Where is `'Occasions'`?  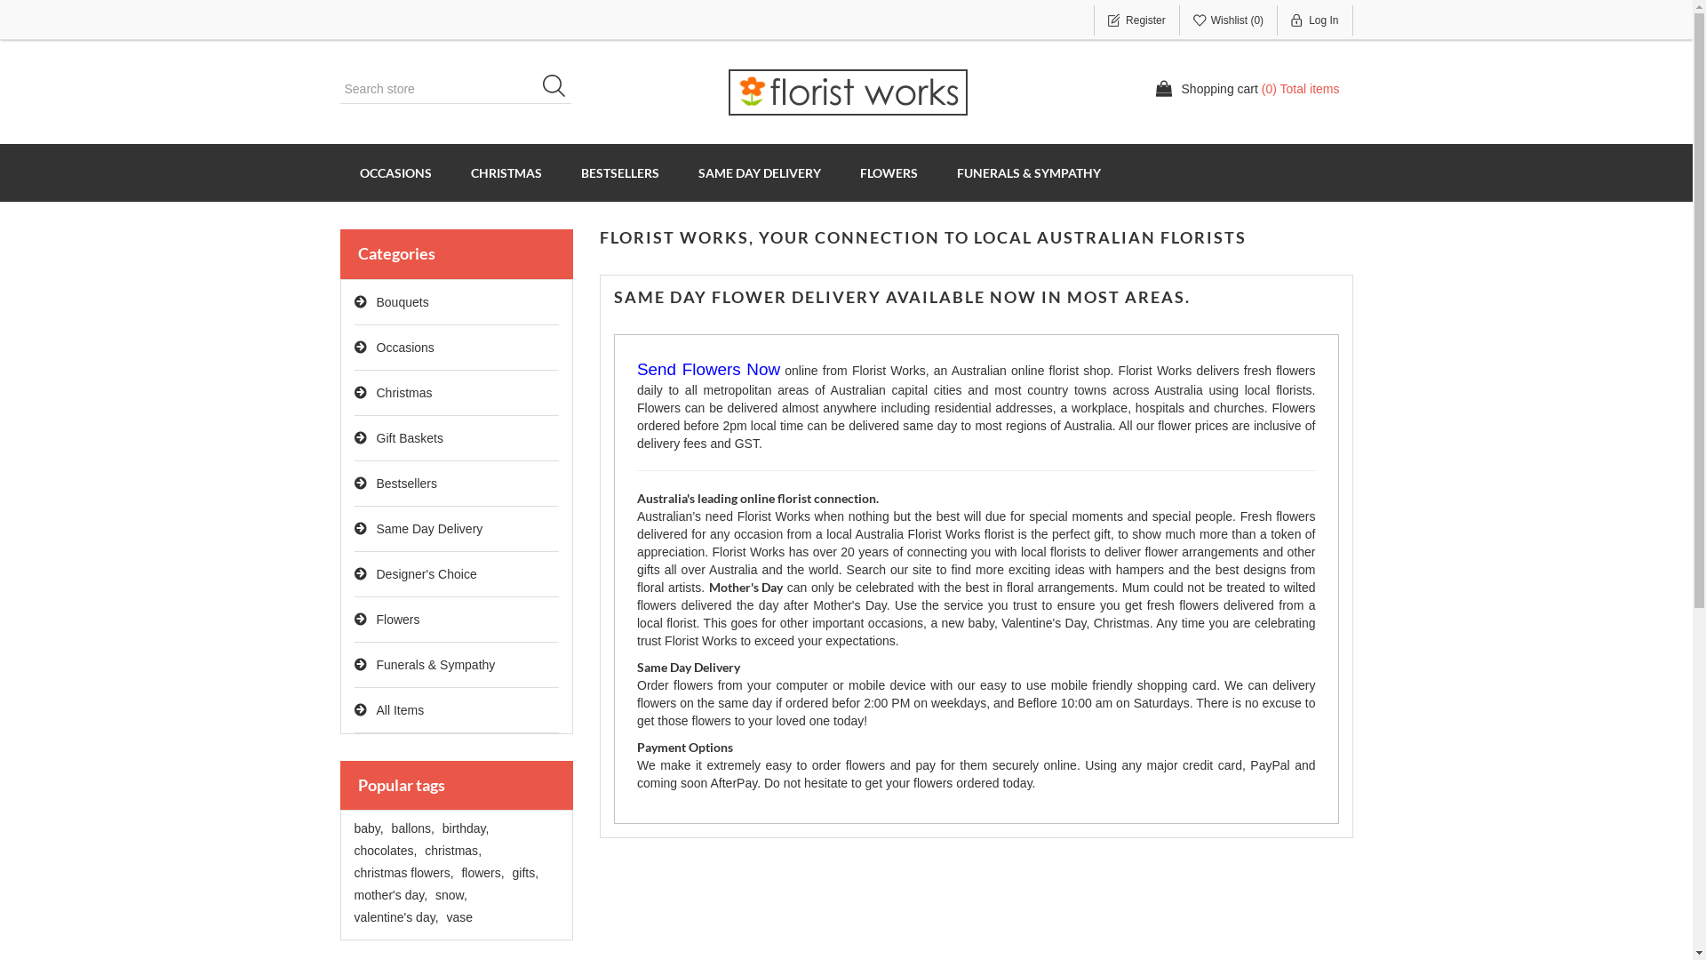 'Occasions' is located at coordinates (456, 348).